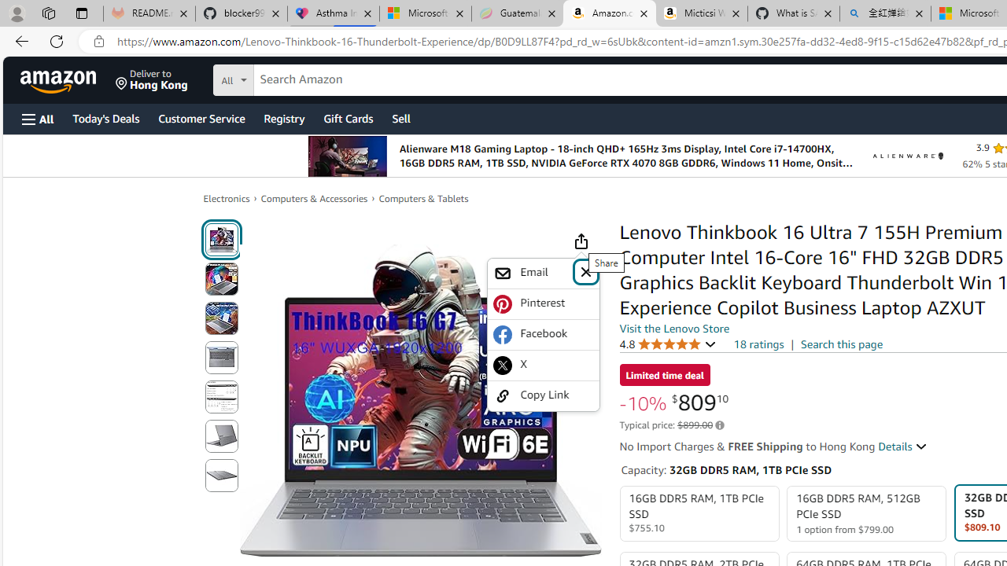  What do you see at coordinates (543, 304) in the screenshot?
I see `'Pinterest'` at bounding box center [543, 304].